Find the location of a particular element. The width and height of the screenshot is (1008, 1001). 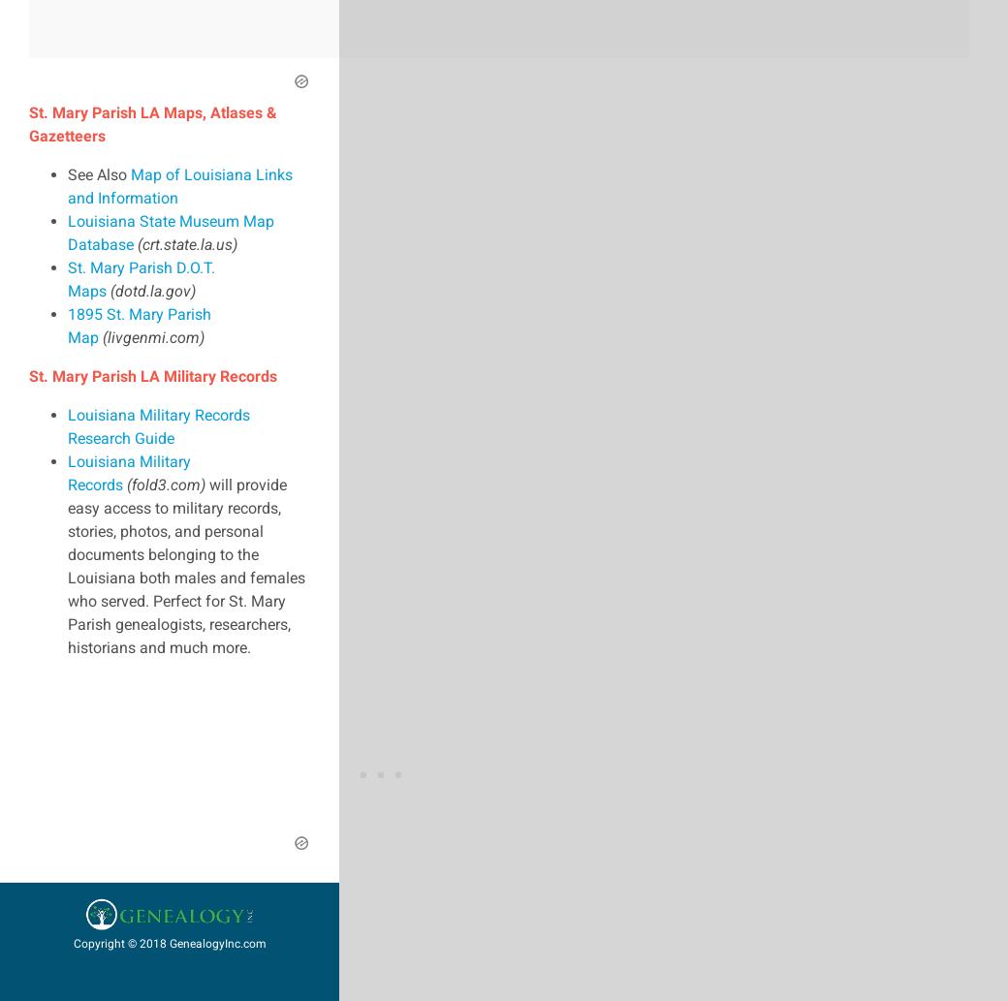

'Louisiana State Museum Map Database' is located at coordinates (171, 231).